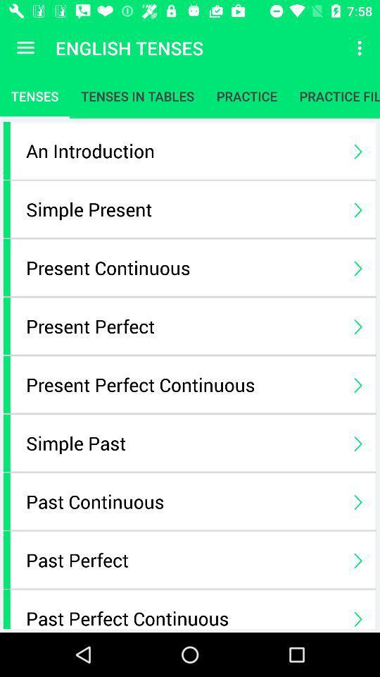 This screenshot has height=677, width=380. What do you see at coordinates (182, 150) in the screenshot?
I see `the item above the simple present` at bounding box center [182, 150].